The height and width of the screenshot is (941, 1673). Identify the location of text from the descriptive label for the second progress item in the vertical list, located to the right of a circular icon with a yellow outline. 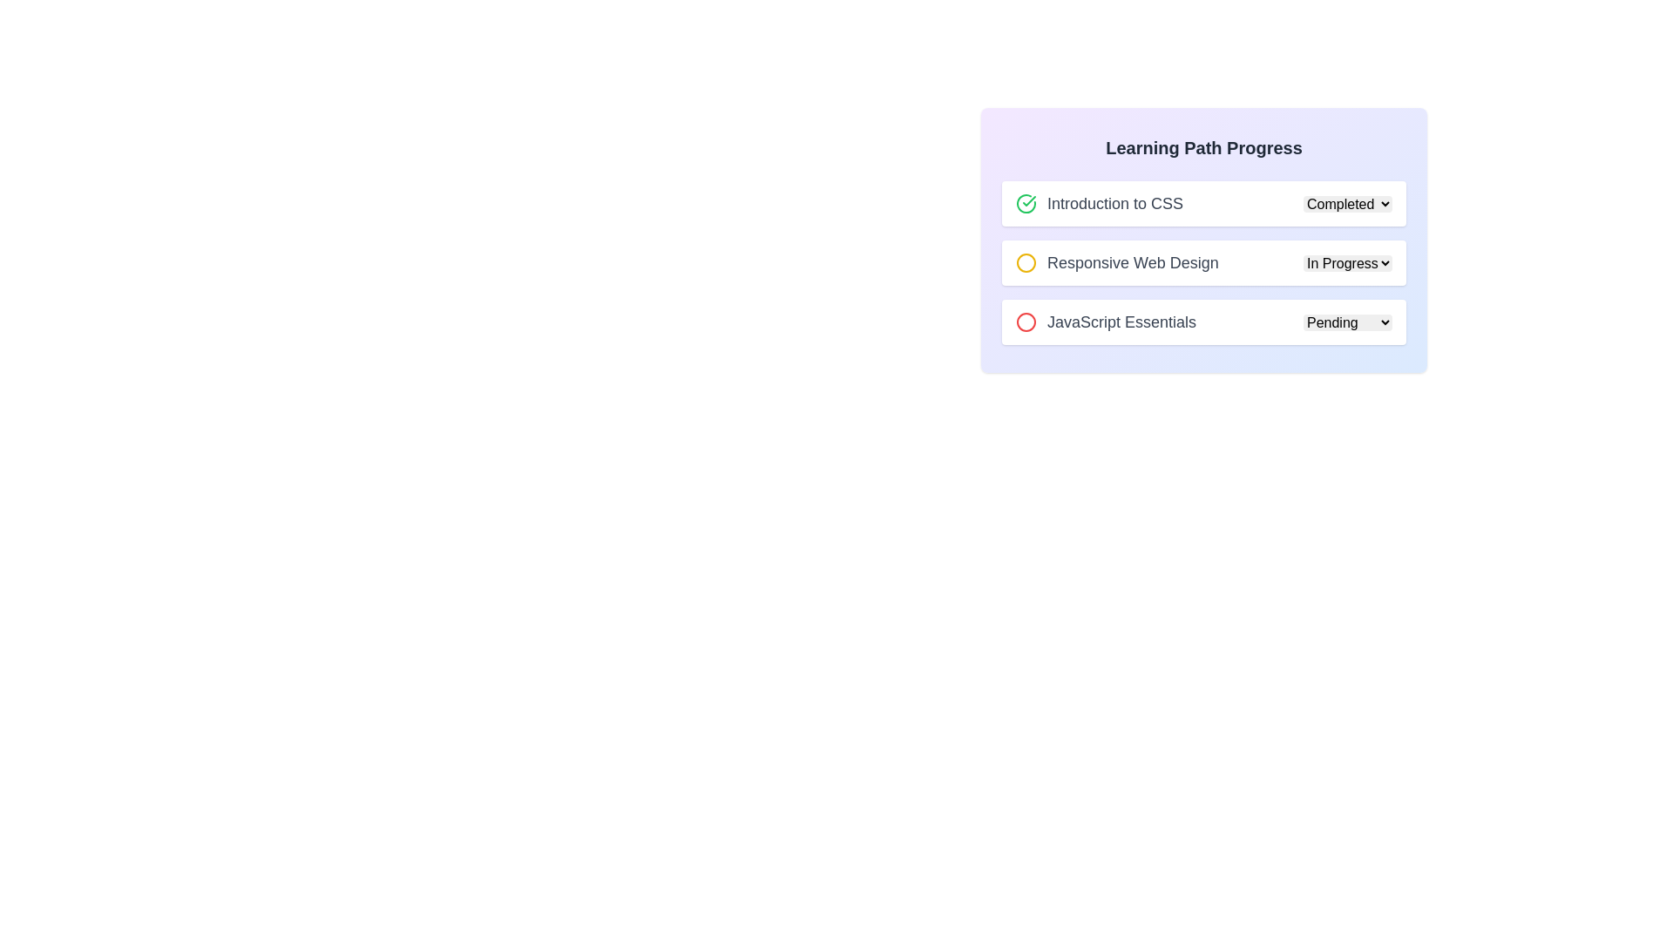
(1133, 262).